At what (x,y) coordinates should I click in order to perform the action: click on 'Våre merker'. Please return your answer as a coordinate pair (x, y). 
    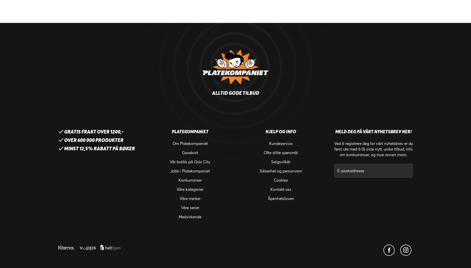
    Looking at the image, I should click on (190, 198).